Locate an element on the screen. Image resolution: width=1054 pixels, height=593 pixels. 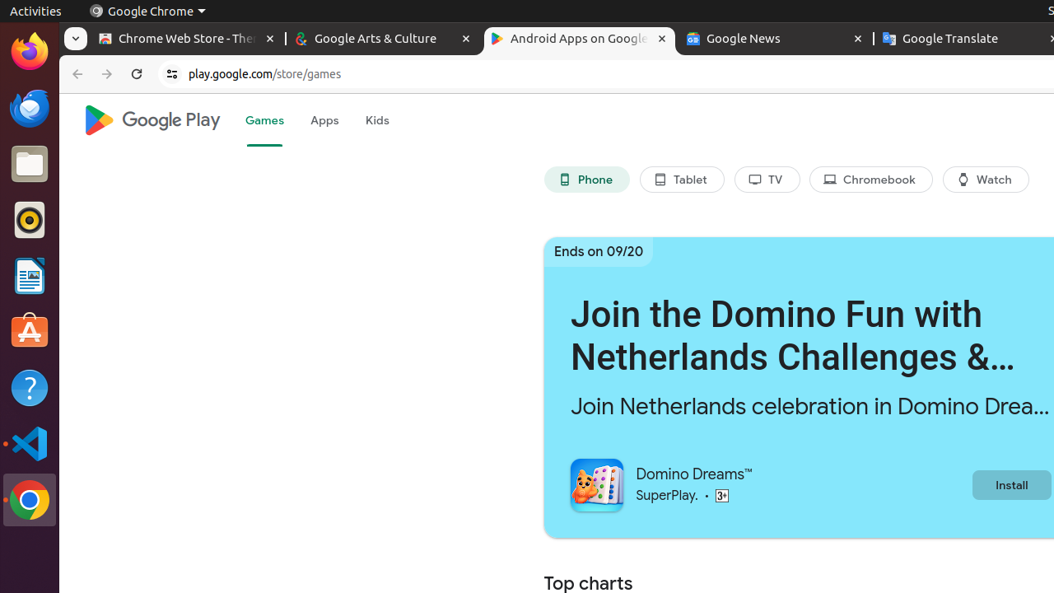
'Ubuntu Software' is located at coordinates (29, 332).